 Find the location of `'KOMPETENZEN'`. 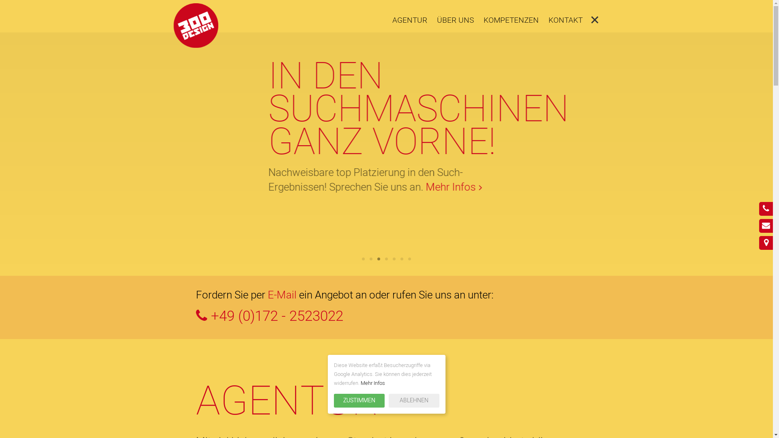

'KOMPETENZEN' is located at coordinates (483, 20).